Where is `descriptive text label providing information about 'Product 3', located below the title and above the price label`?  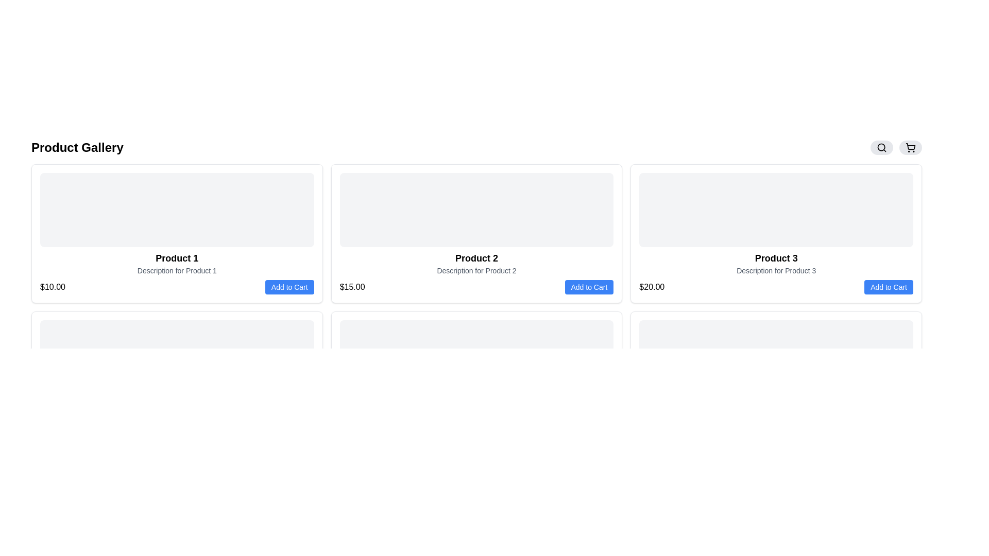
descriptive text label providing information about 'Product 3', located below the title and above the price label is located at coordinates (776, 270).